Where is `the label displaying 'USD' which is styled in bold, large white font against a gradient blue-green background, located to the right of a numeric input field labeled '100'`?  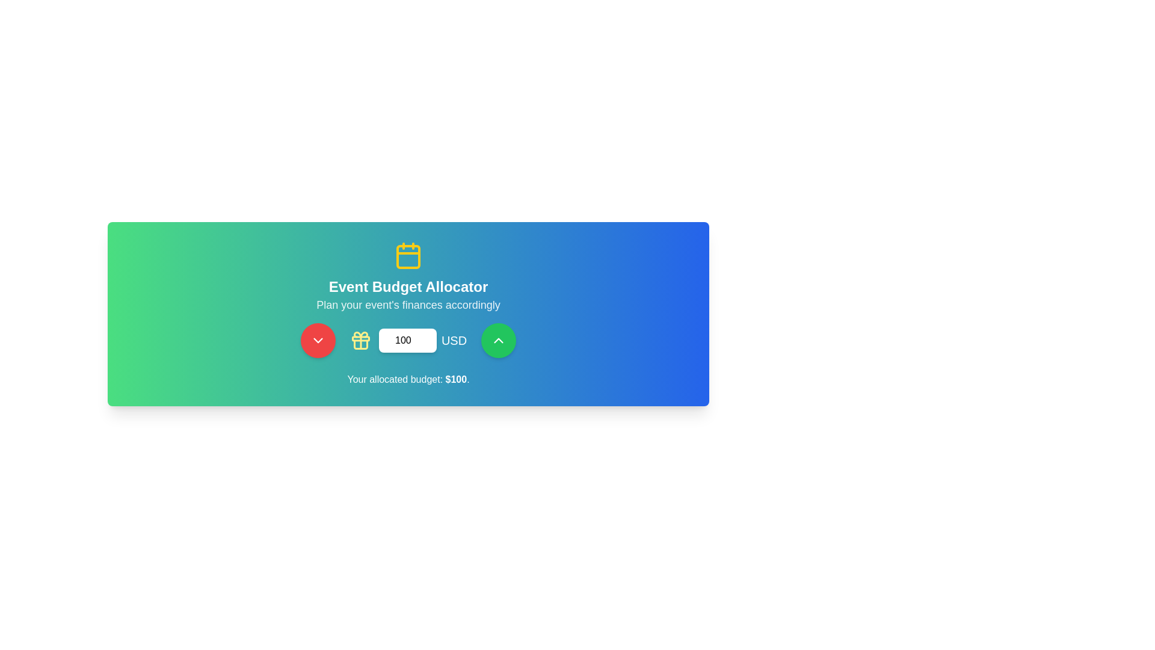 the label displaying 'USD' which is styled in bold, large white font against a gradient blue-green background, located to the right of a numeric input field labeled '100' is located at coordinates (453, 341).